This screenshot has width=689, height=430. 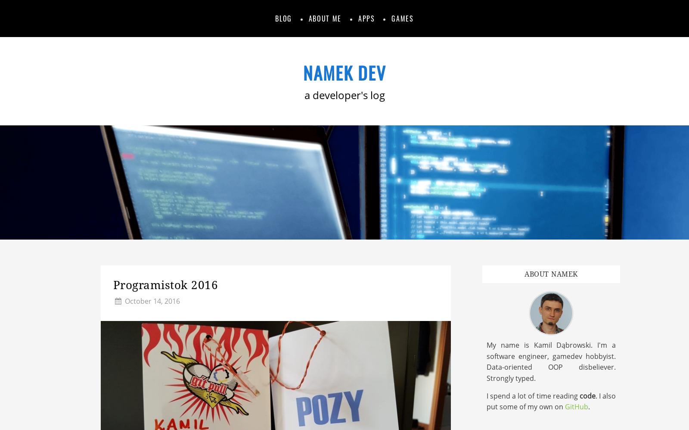 I want to click on 'code', so click(x=578, y=395).